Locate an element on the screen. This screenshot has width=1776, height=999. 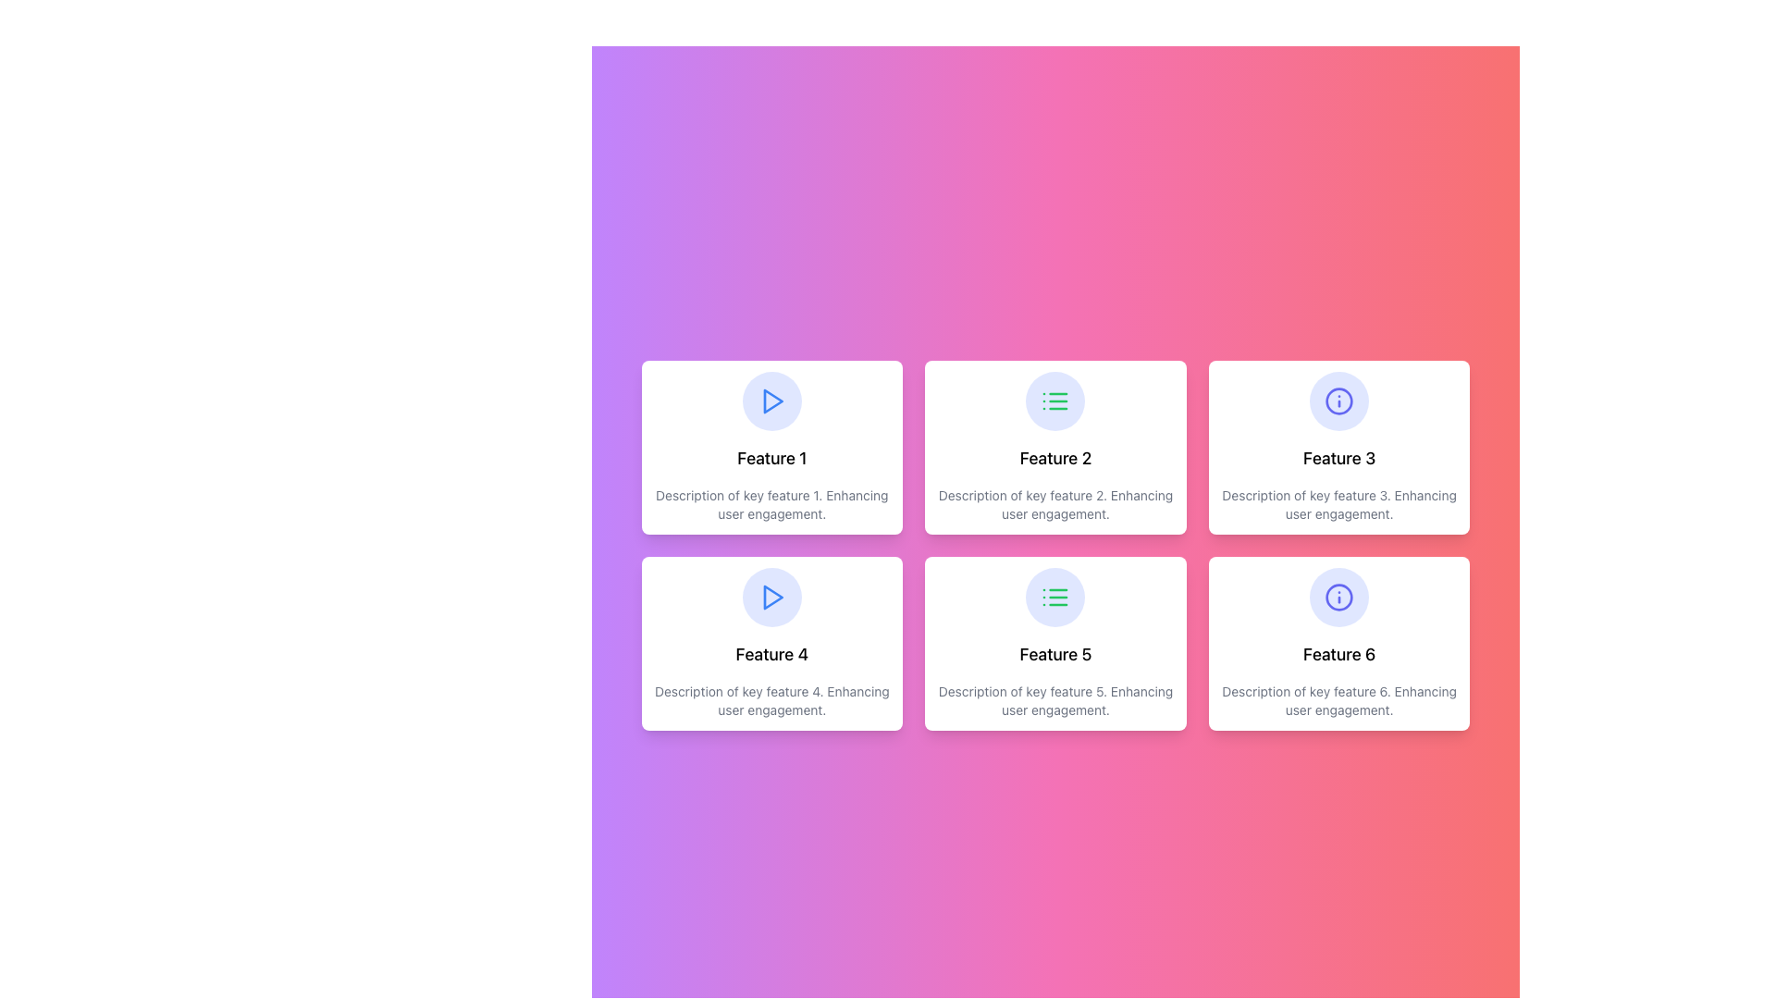
the second feature card in the grid layout is located at coordinates (1055, 447).